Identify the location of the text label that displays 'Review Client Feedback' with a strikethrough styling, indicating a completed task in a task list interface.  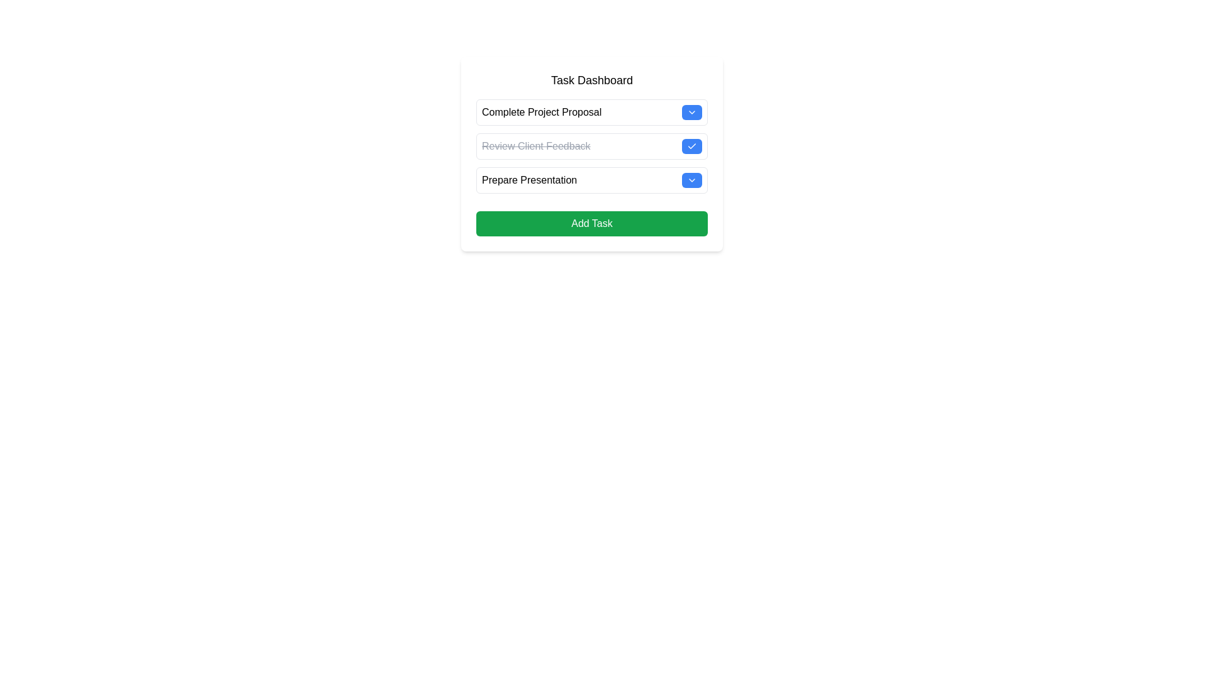
(536, 145).